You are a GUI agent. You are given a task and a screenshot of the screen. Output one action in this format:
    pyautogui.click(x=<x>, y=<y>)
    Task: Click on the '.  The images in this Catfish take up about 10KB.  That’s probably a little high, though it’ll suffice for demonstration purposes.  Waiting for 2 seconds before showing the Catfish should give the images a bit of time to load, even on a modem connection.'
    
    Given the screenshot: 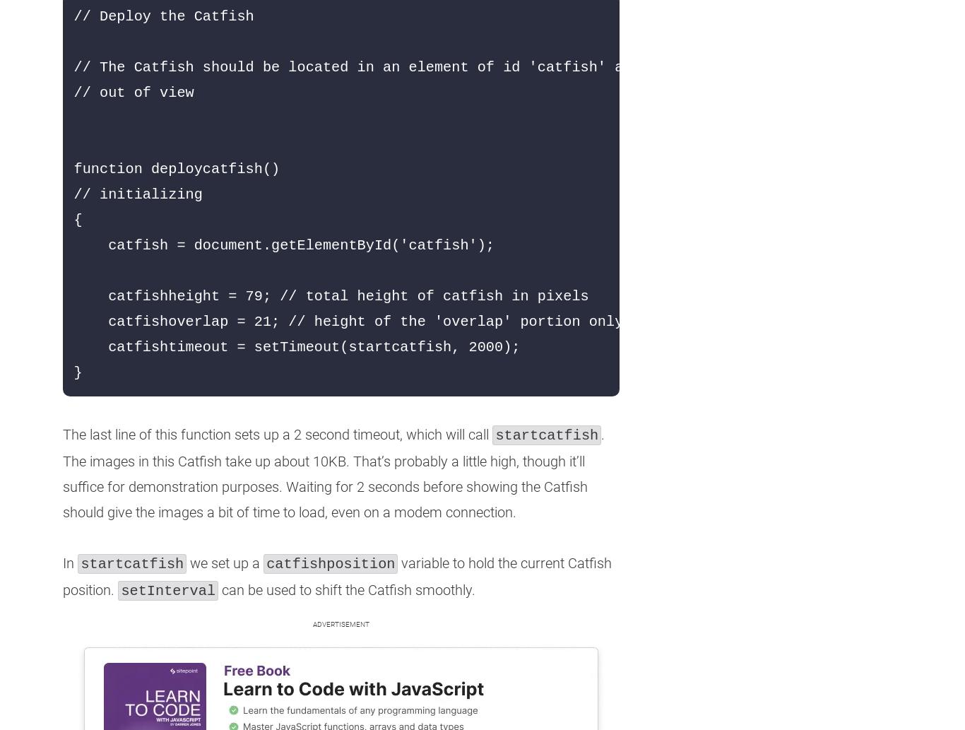 What is the action you would take?
    pyautogui.click(x=333, y=473)
    